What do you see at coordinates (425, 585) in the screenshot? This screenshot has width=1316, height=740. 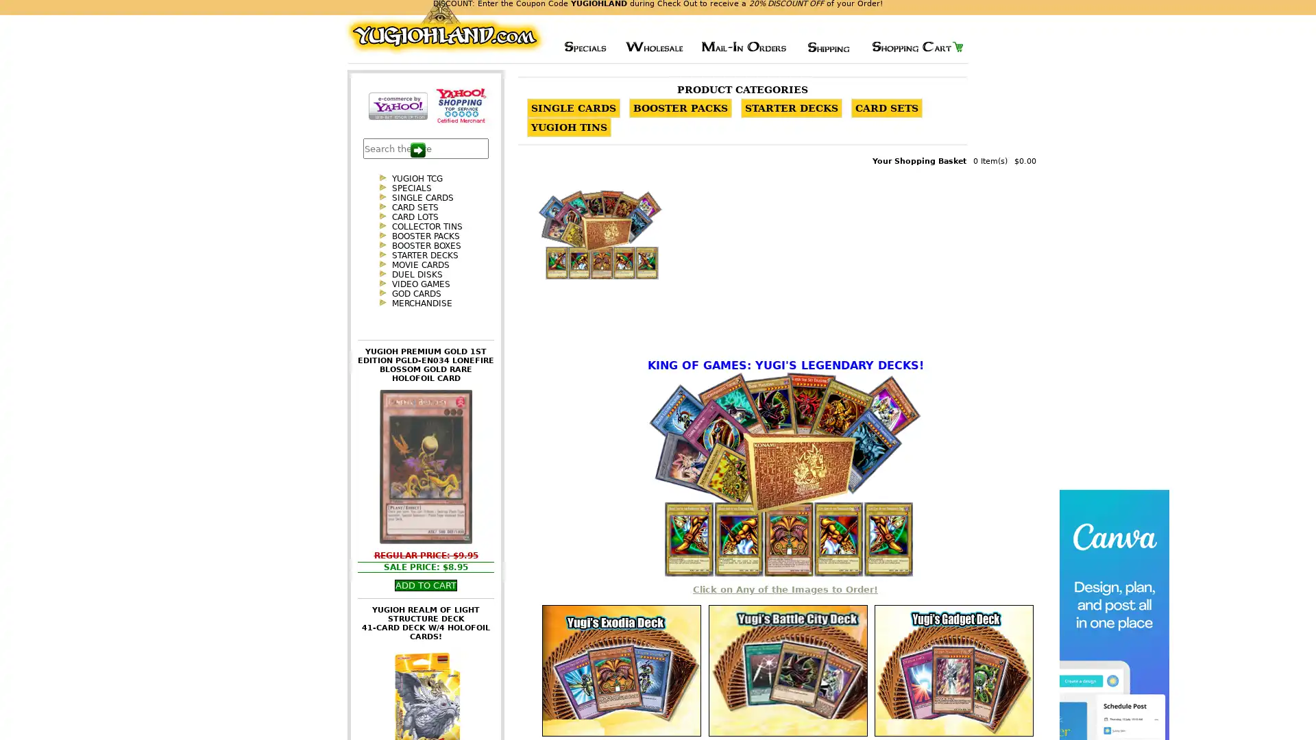 I see `Add To Cart` at bounding box center [425, 585].